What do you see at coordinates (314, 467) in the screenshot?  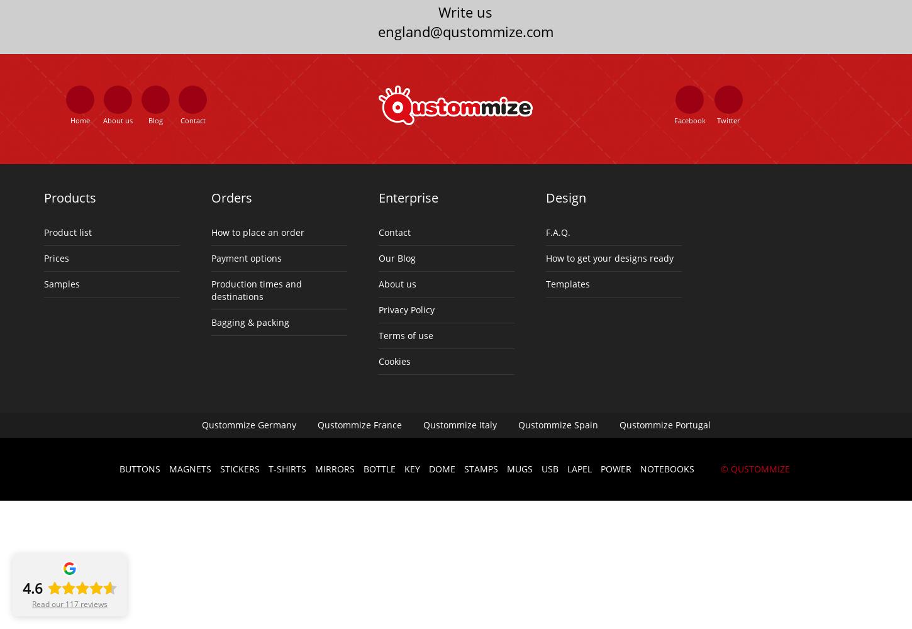 I see `'mirrors'` at bounding box center [314, 467].